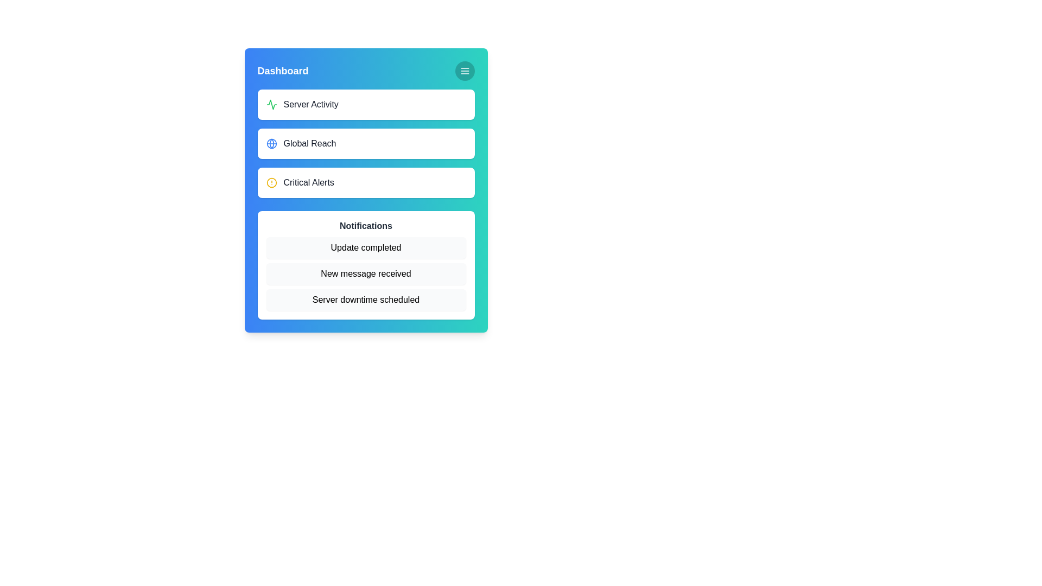 The width and height of the screenshot is (1042, 586). What do you see at coordinates (308, 182) in the screenshot?
I see `text label that identifies the card as representing the 'Critical Alerts' section within the application interface, located in the middle of the blue interface` at bounding box center [308, 182].